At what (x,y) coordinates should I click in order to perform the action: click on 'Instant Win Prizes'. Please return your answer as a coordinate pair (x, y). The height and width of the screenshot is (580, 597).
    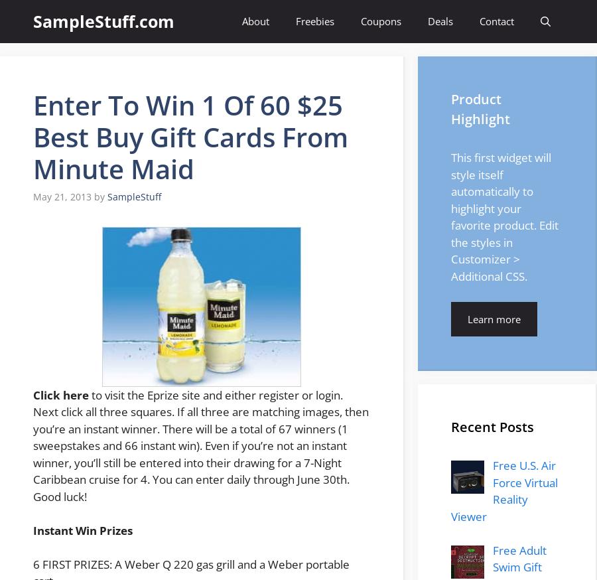
    Looking at the image, I should click on (83, 529).